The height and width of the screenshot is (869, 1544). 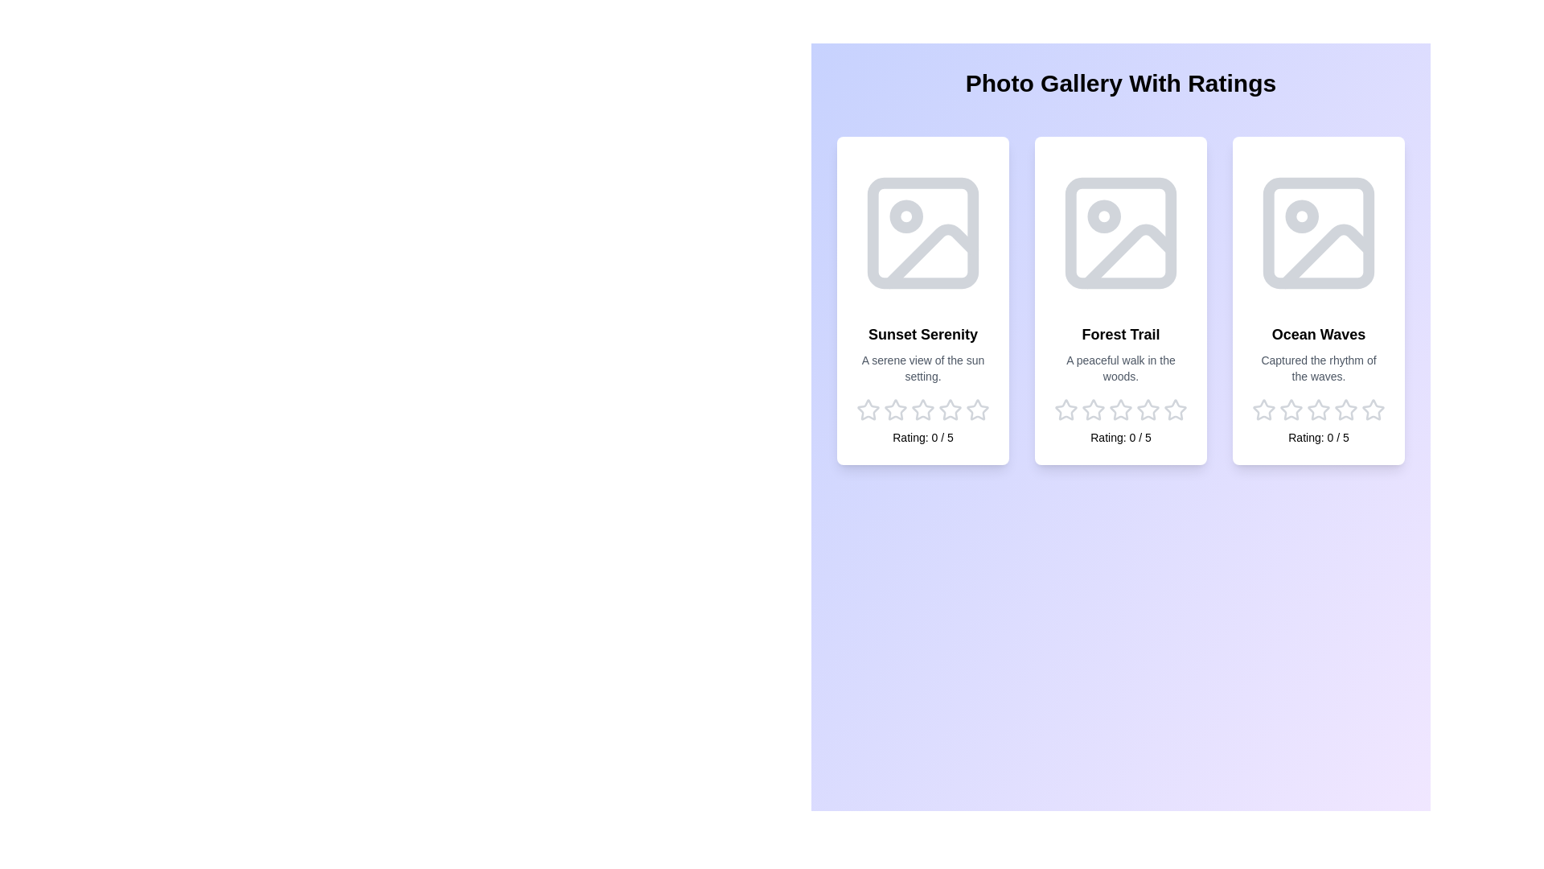 What do you see at coordinates (894, 409) in the screenshot?
I see `the star corresponding to the rating 2 for the image Sunset Serenity` at bounding box center [894, 409].